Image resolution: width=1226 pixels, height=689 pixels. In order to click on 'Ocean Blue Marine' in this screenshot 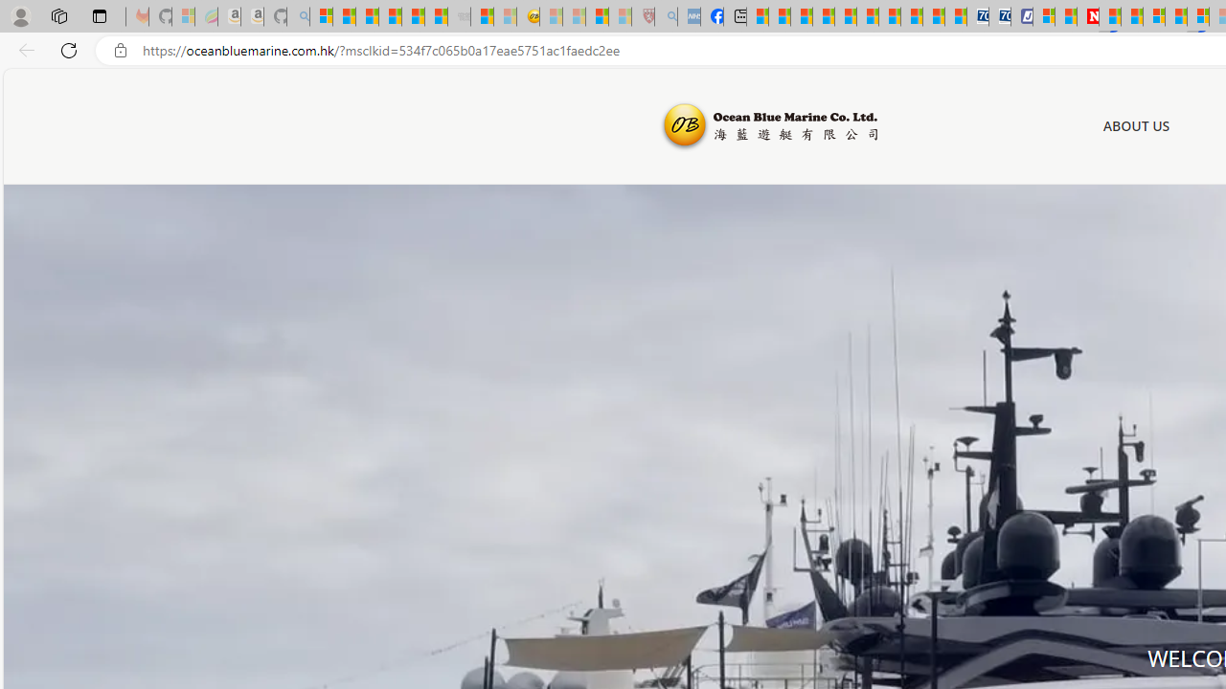, I will do `click(767, 126)`.